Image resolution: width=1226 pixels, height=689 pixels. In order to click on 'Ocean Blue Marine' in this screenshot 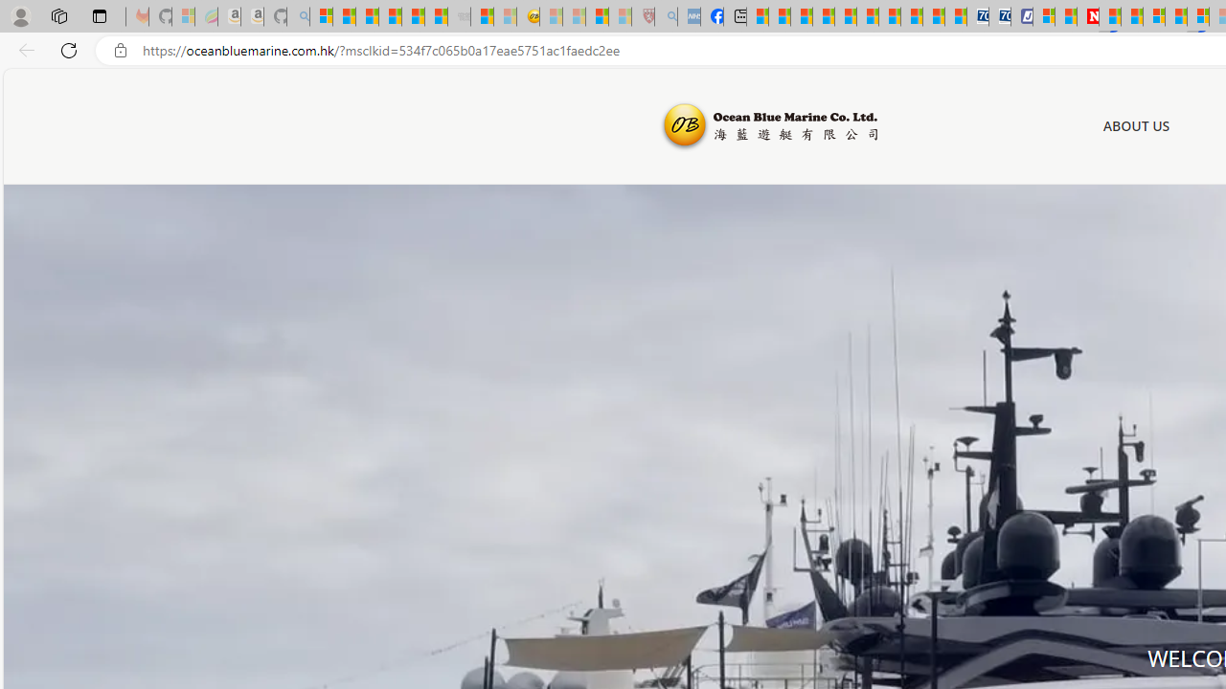, I will do `click(767, 126)`.